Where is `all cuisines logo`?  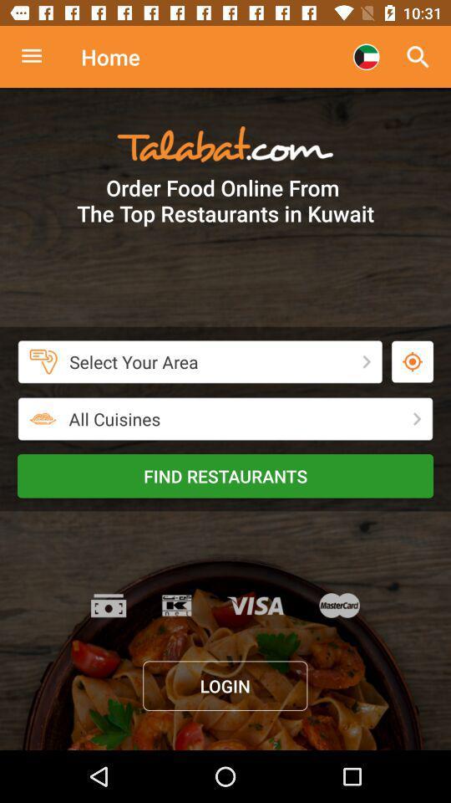
all cuisines logo is located at coordinates (43, 418).